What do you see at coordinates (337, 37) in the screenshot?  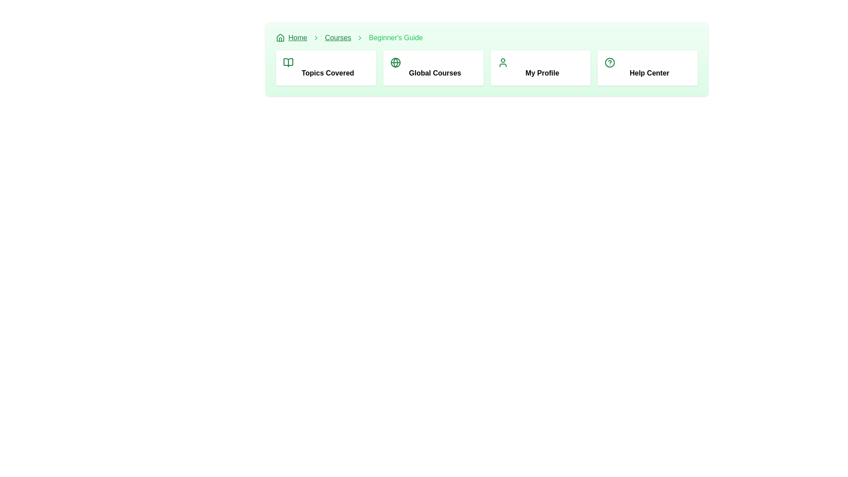 I see `the second item in the breadcrumb navigation bar, which is a hyperlink leading to the courses page, to change its color` at bounding box center [337, 37].